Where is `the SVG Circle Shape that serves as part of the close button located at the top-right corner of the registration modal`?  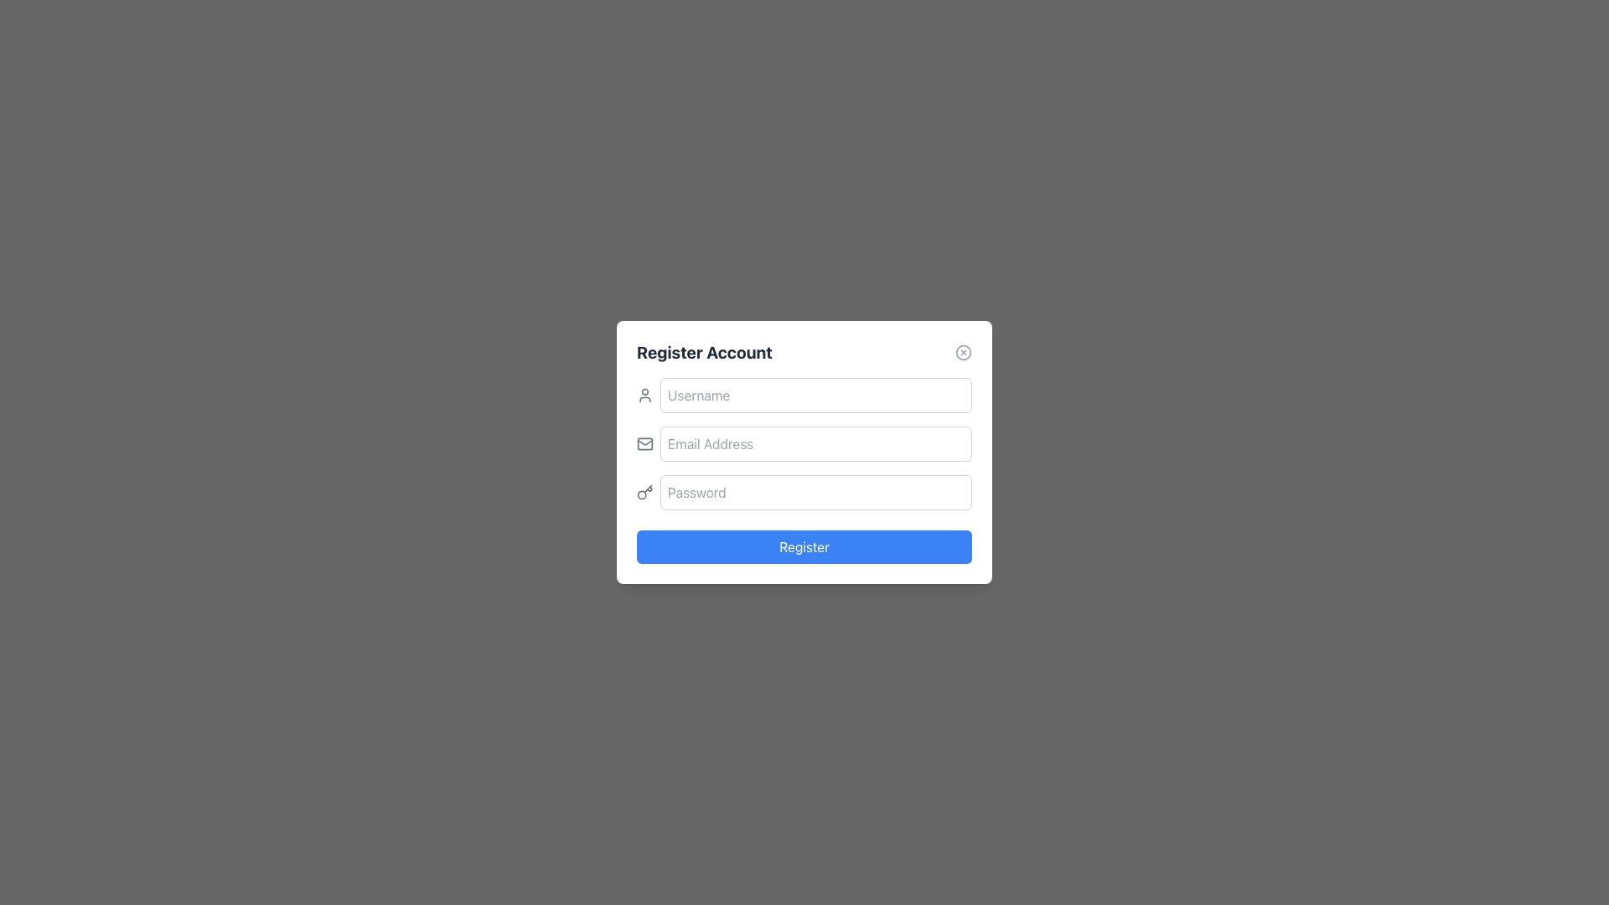 the SVG Circle Shape that serves as part of the close button located at the top-right corner of the registration modal is located at coordinates (964, 351).